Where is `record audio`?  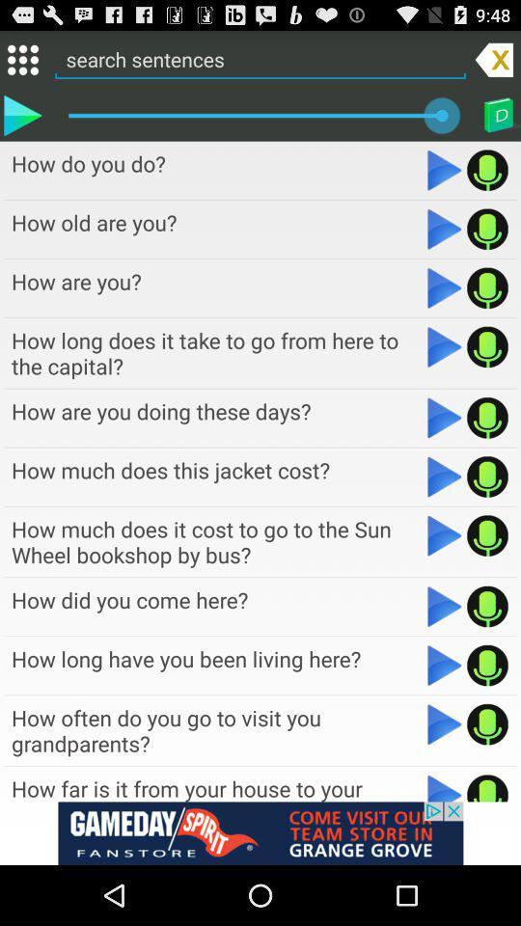 record audio is located at coordinates (486, 535).